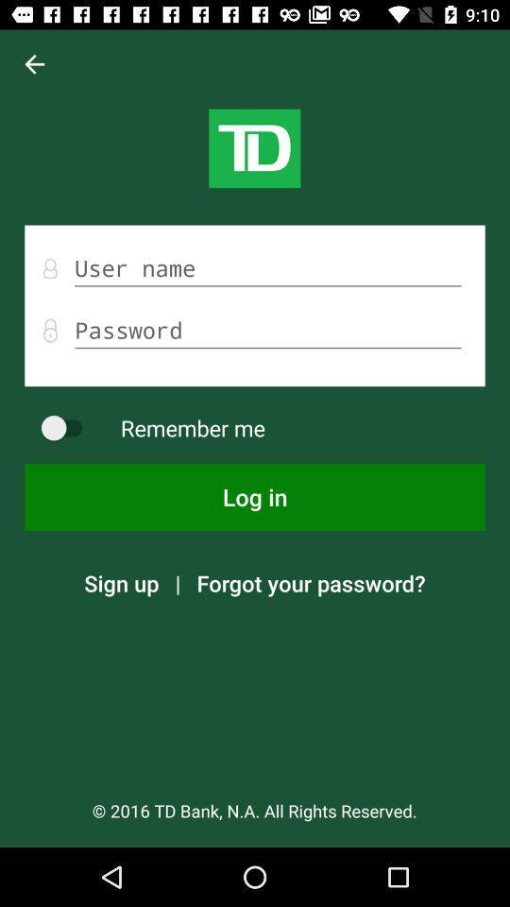  Describe the element at coordinates (255, 496) in the screenshot. I see `the log in icon` at that location.